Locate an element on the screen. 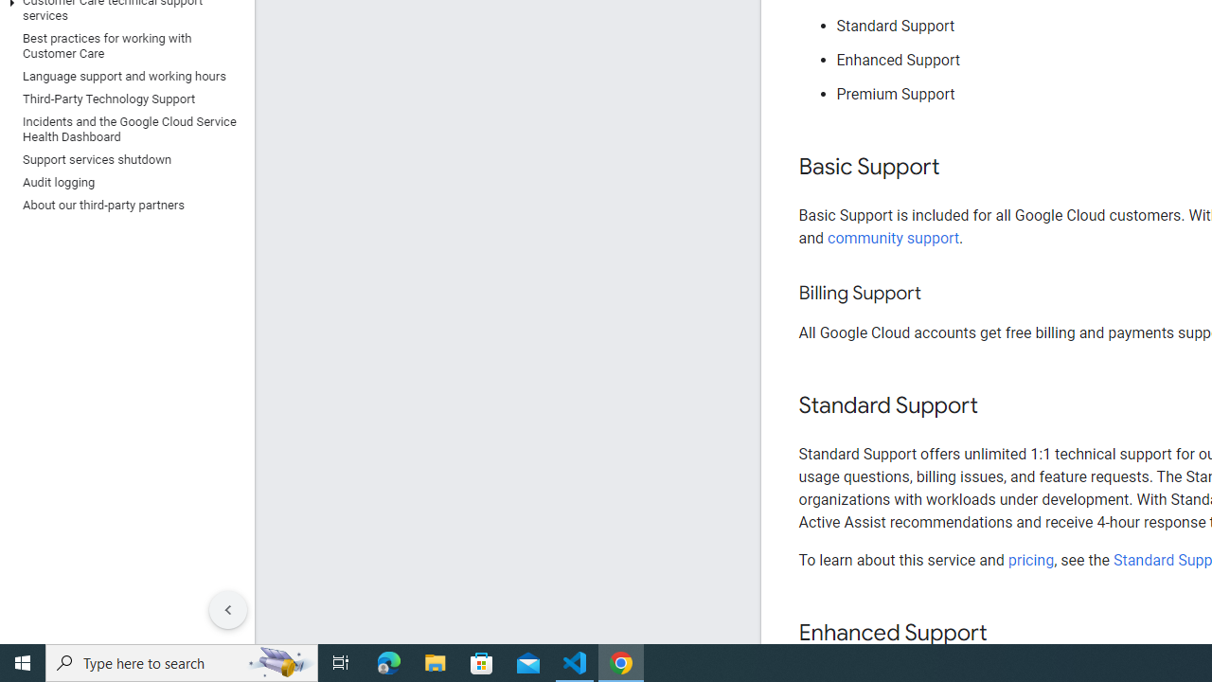 Image resolution: width=1212 pixels, height=682 pixels. 'pricing' is located at coordinates (1029, 559).